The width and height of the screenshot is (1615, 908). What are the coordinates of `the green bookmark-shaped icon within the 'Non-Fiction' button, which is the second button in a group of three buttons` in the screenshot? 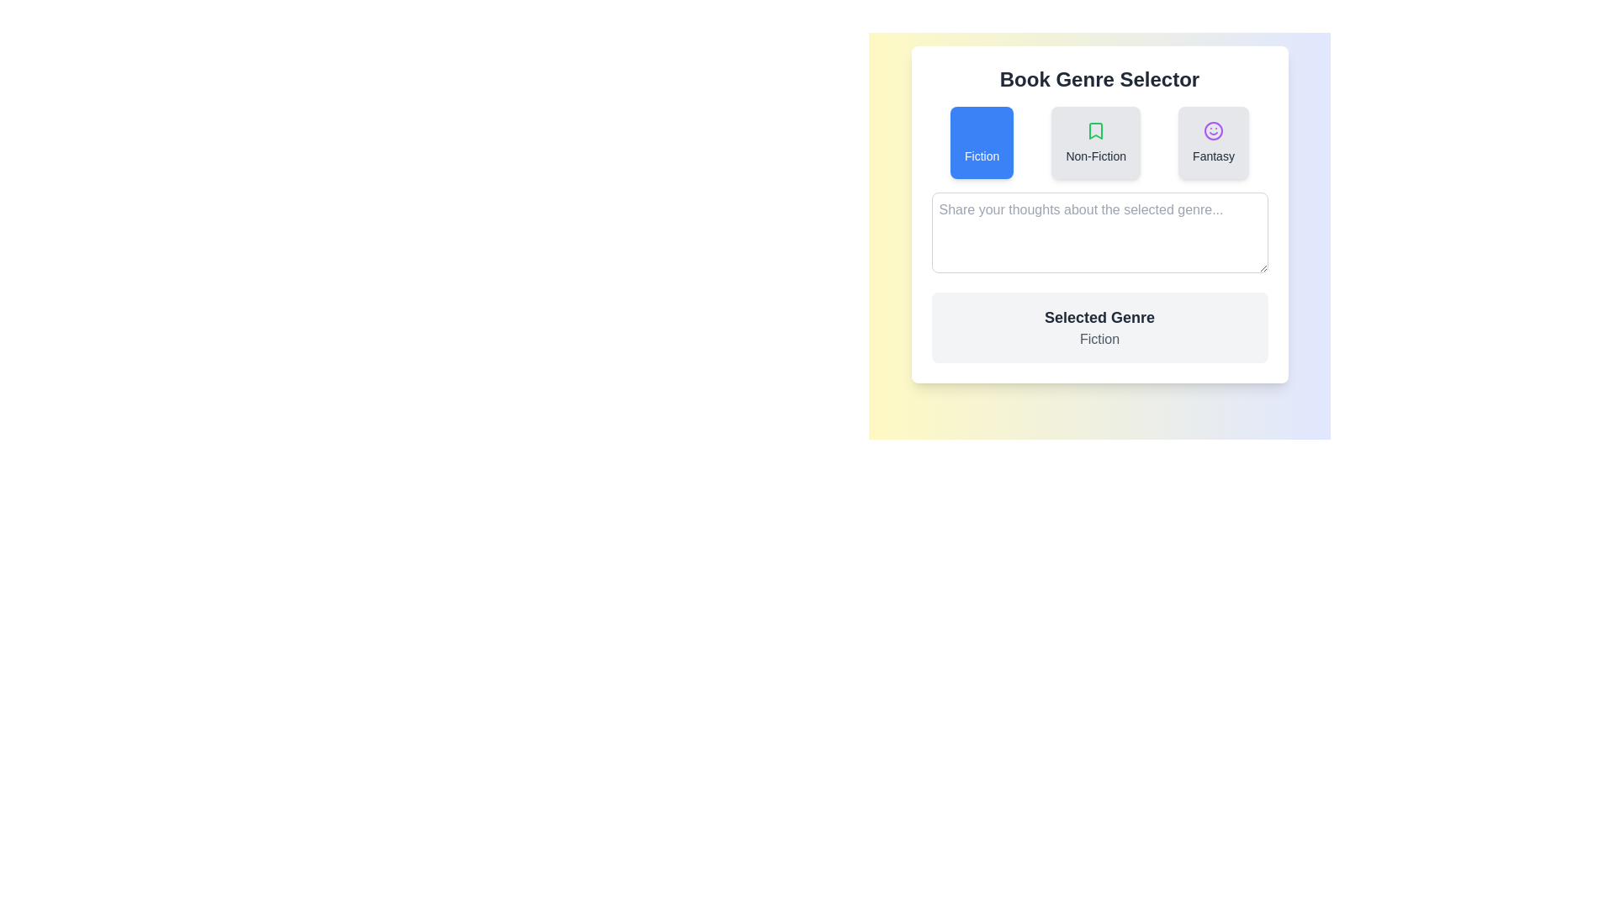 It's located at (1096, 129).